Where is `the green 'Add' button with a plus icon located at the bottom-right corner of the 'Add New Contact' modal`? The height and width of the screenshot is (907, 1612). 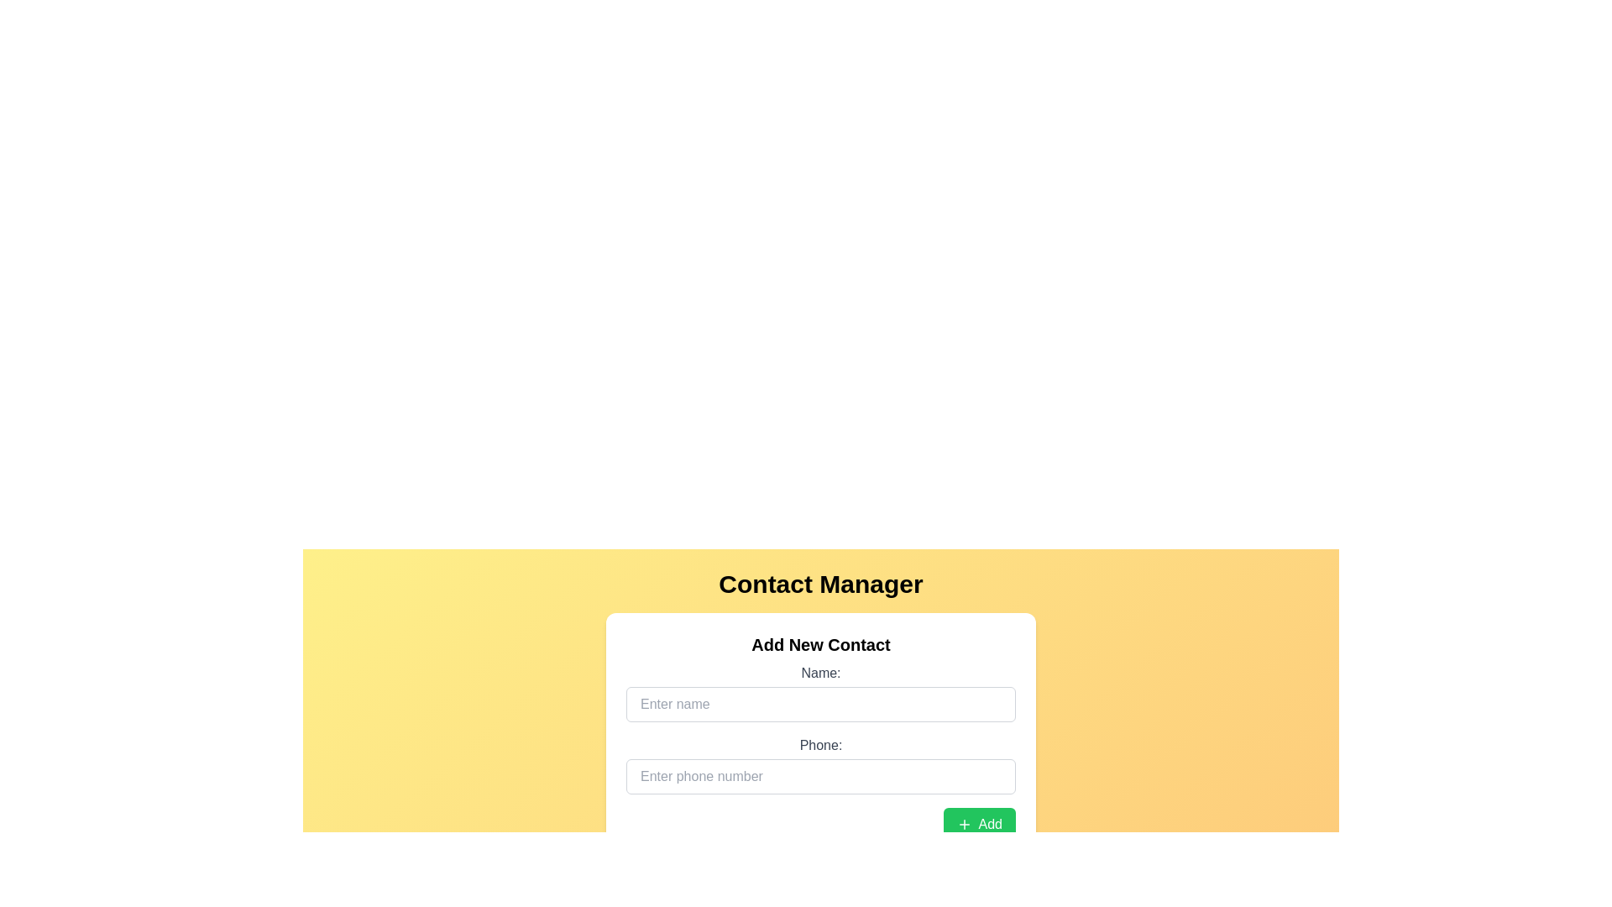
the green 'Add' button with a plus icon located at the bottom-right corner of the 'Add New Contact' modal is located at coordinates (979, 824).